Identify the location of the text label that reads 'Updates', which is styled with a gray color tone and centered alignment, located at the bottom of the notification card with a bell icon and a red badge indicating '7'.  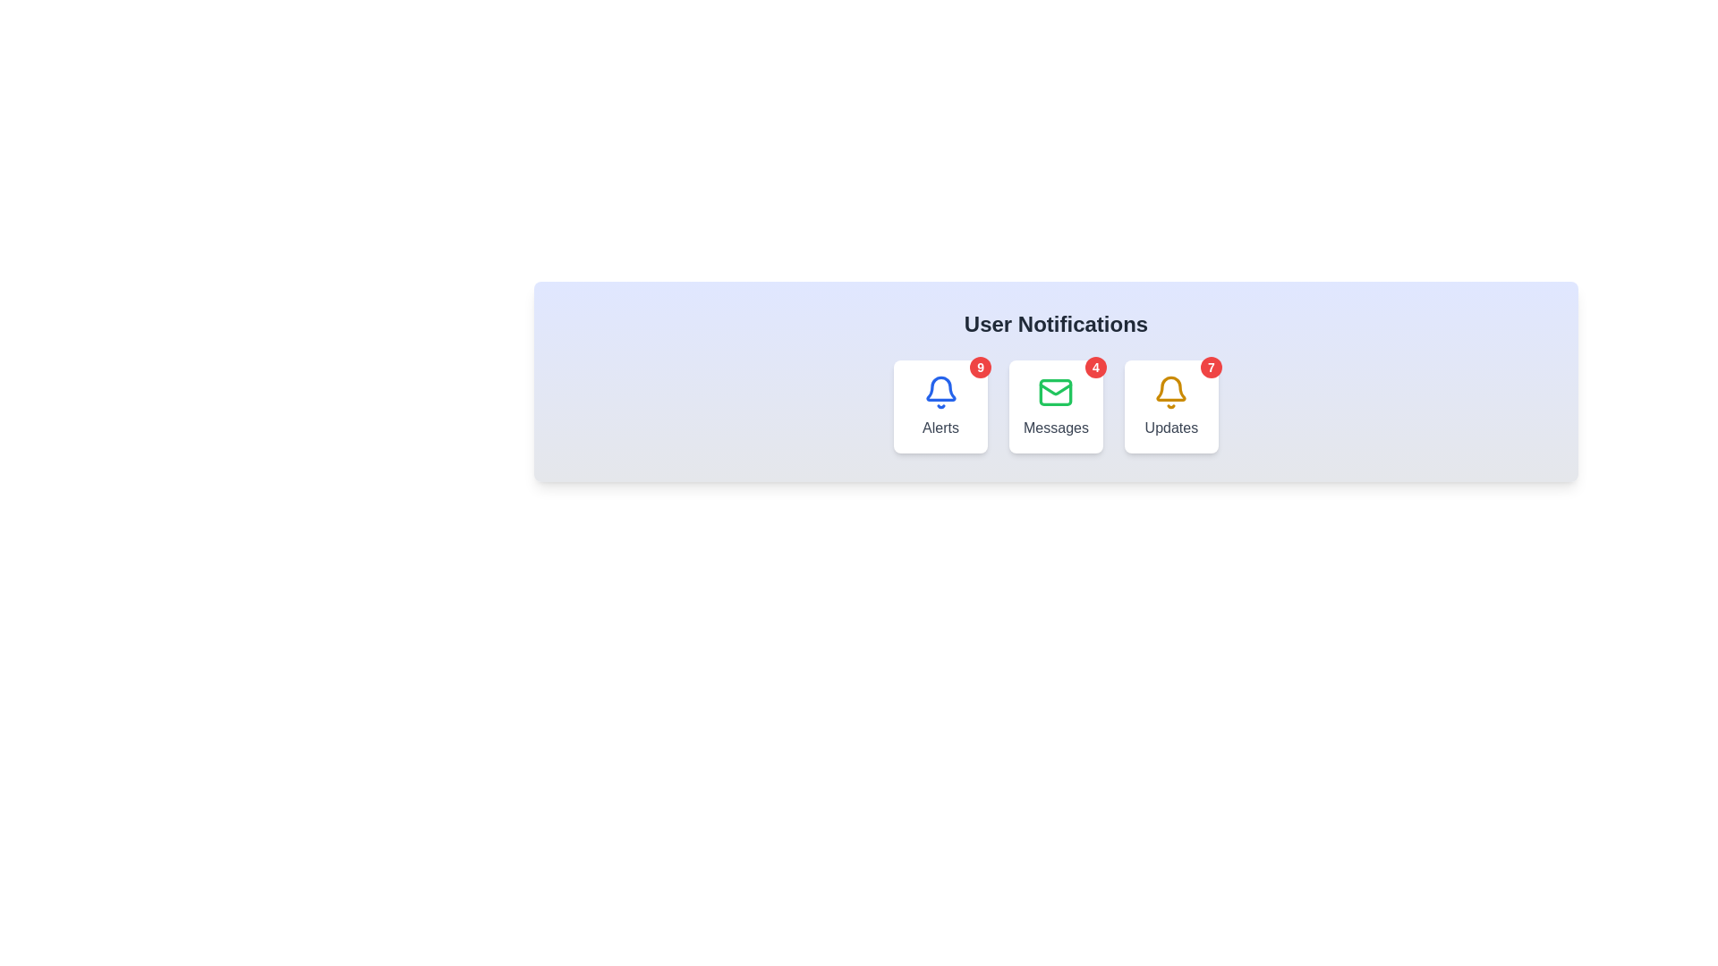
(1171, 428).